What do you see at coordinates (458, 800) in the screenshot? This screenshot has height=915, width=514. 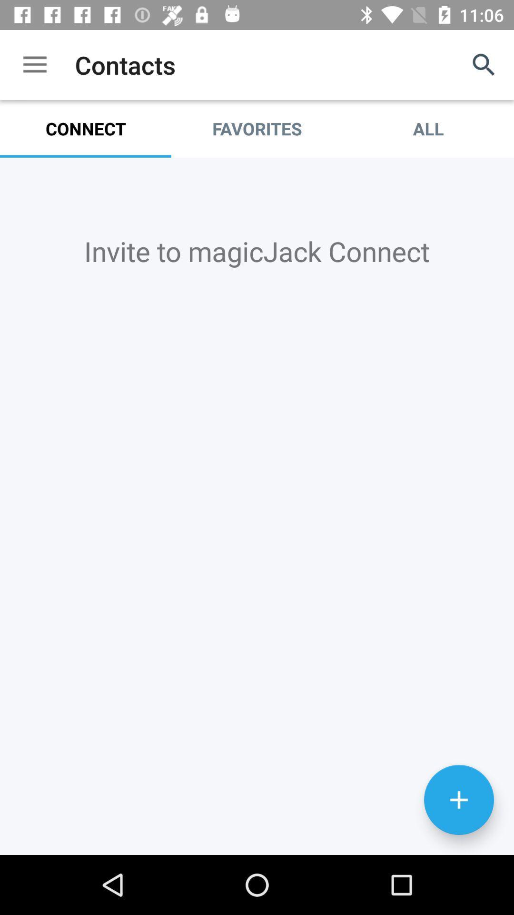 I see `new connection` at bounding box center [458, 800].